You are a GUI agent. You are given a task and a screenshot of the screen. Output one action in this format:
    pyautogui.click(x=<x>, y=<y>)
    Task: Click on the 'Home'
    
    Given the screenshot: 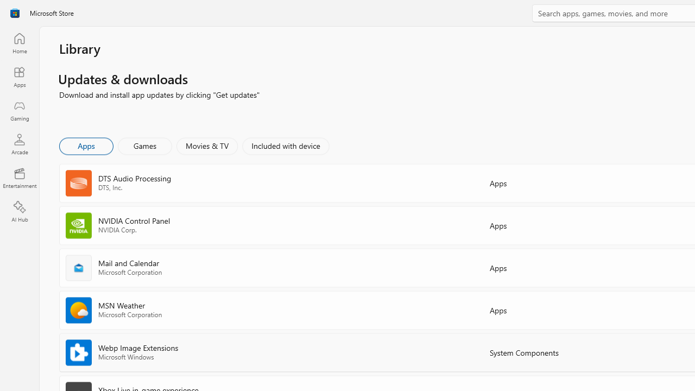 What is the action you would take?
    pyautogui.click(x=19, y=42)
    